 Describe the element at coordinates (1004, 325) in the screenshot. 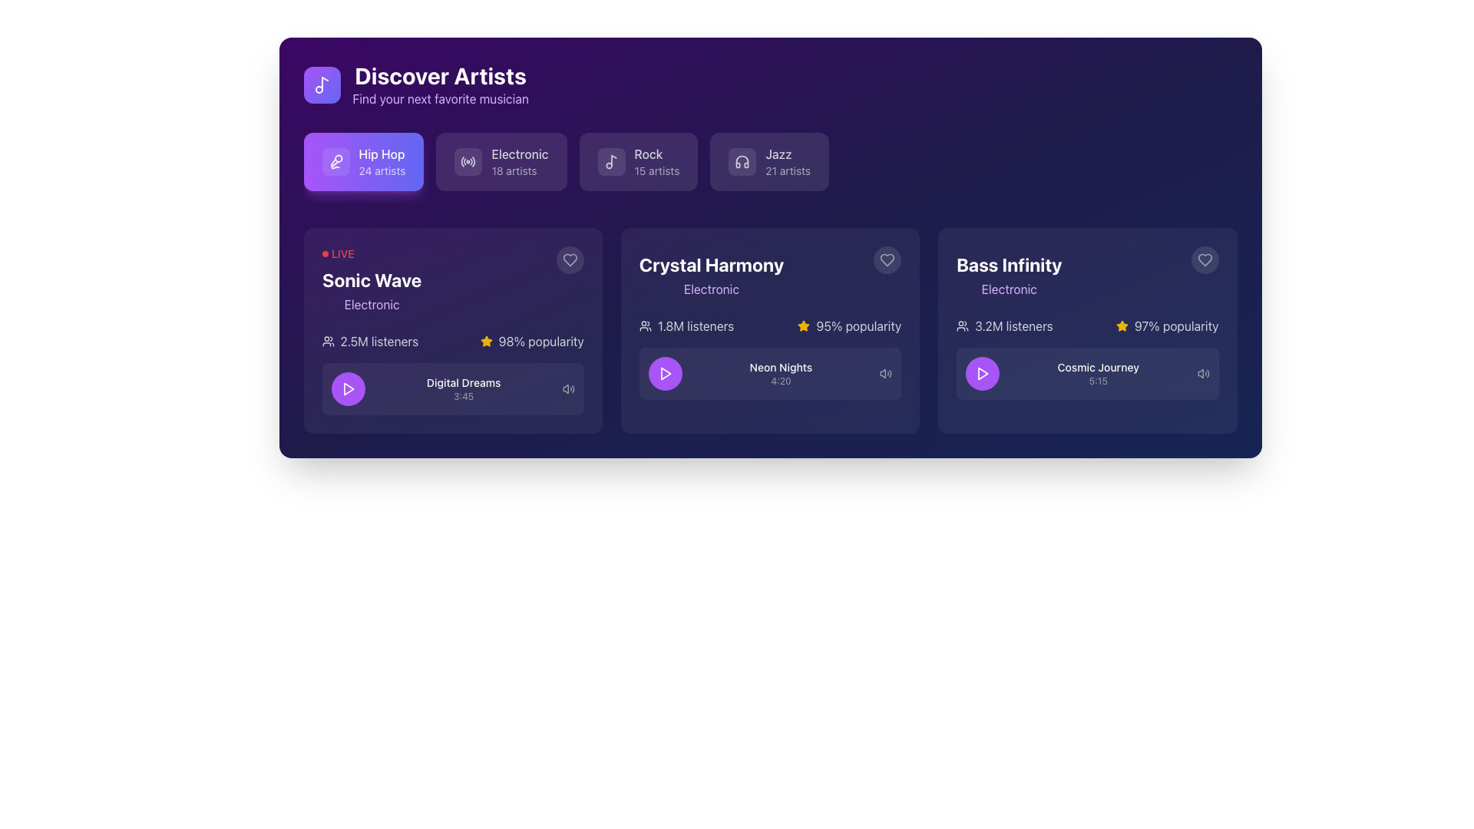

I see `the label displaying '3.2M listeners' with an icon, located in the rightmost card of a three-card layout, below the title 'Bass Infinity' and to the left of the '97% popularity' label` at that location.